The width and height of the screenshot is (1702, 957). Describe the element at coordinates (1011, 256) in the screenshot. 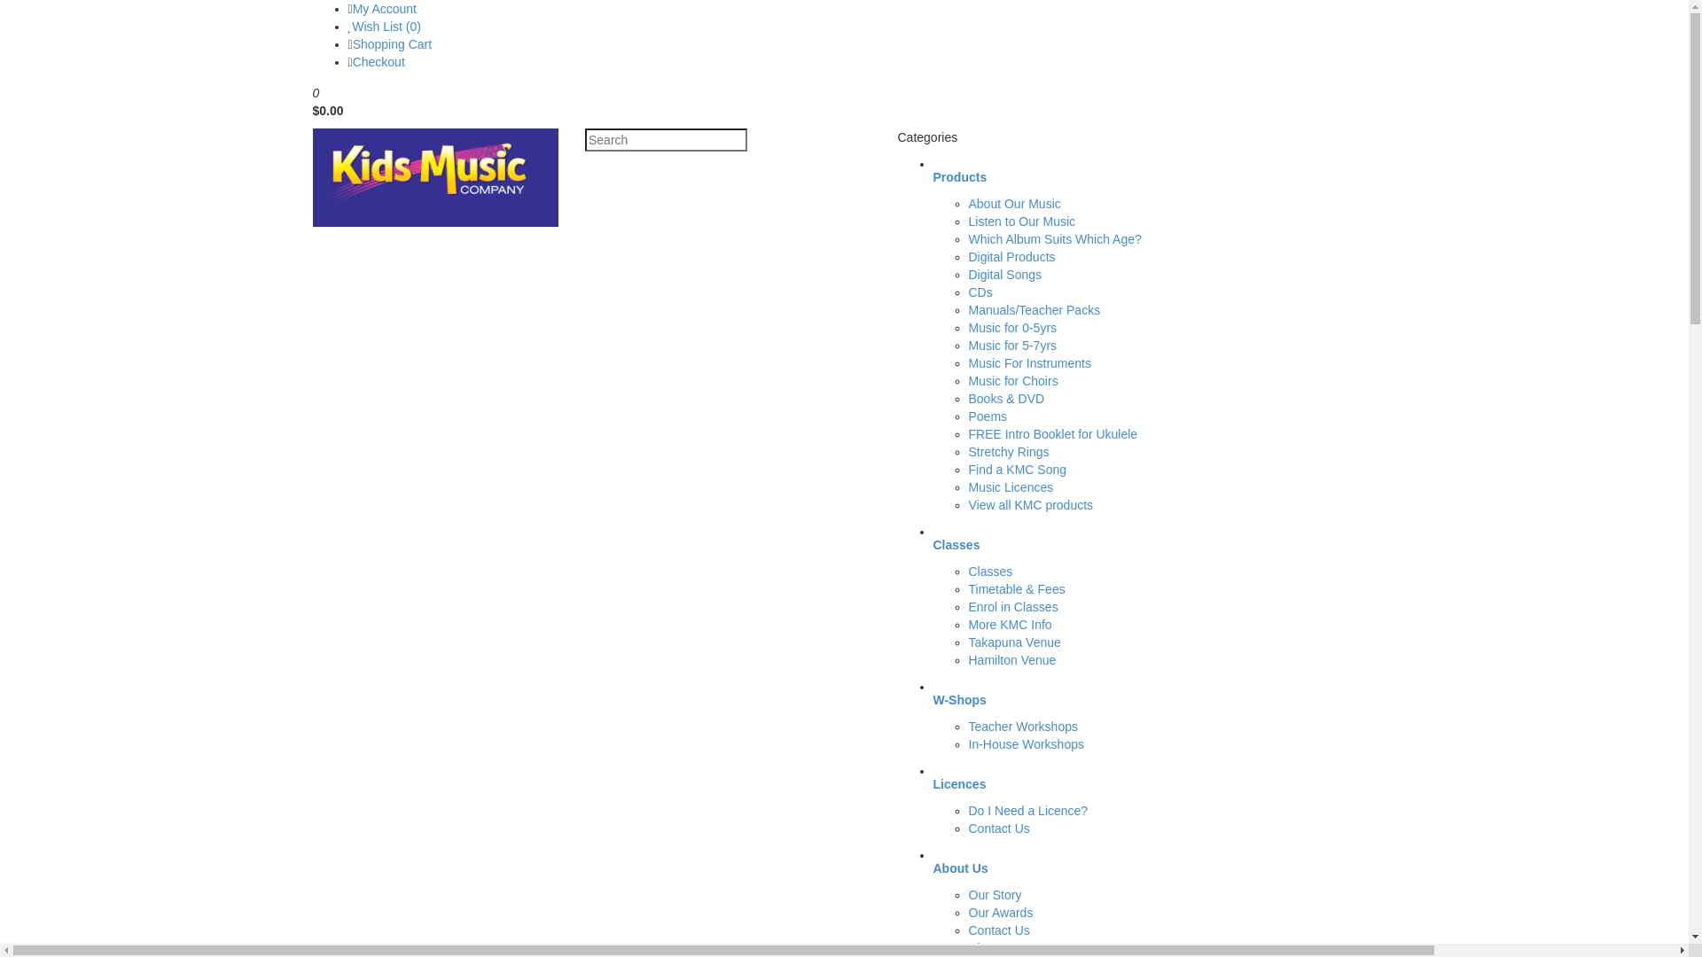

I see `'Digital Products'` at that location.